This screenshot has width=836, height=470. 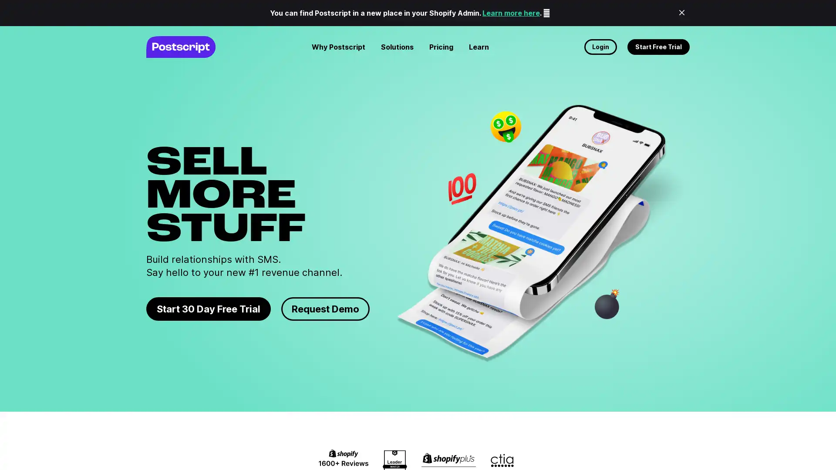 What do you see at coordinates (478, 47) in the screenshot?
I see `Learn` at bounding box center [478, 47].